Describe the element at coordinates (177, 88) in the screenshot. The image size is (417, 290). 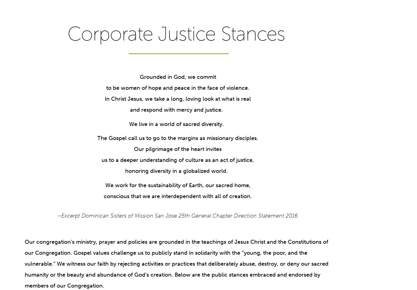
I see `'to be women of hope and peace in the face of violence.'` at that location.